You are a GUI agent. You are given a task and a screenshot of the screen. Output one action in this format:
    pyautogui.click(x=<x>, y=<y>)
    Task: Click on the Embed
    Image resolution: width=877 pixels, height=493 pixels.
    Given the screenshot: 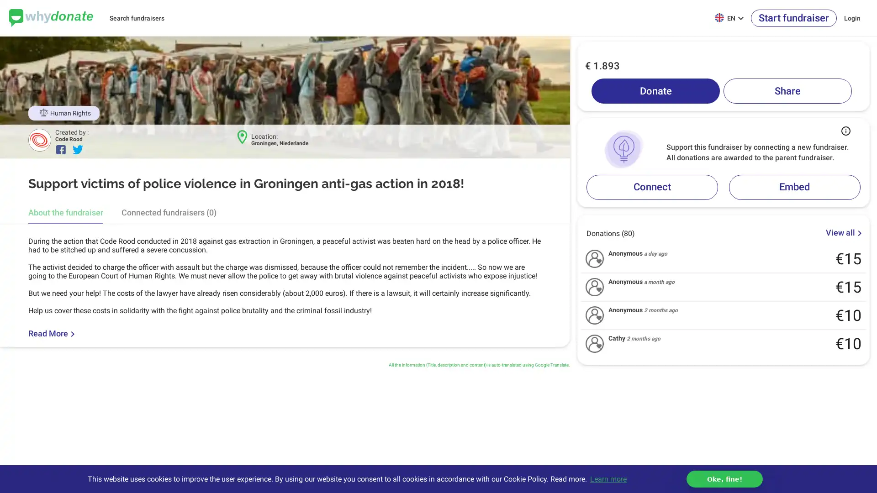 What is the action you would take?
    pyautogui.click(x=793, y=186)
    